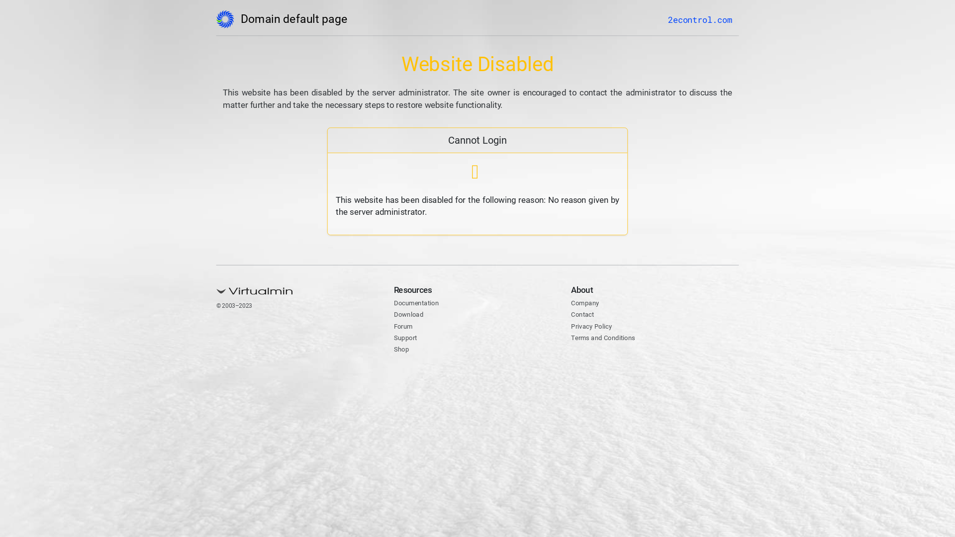 The image size is (955, 537). What do you see at coordinates (421, 303) in the screenshot?
I see `'Documentation'` at bounding box center [421, 303].